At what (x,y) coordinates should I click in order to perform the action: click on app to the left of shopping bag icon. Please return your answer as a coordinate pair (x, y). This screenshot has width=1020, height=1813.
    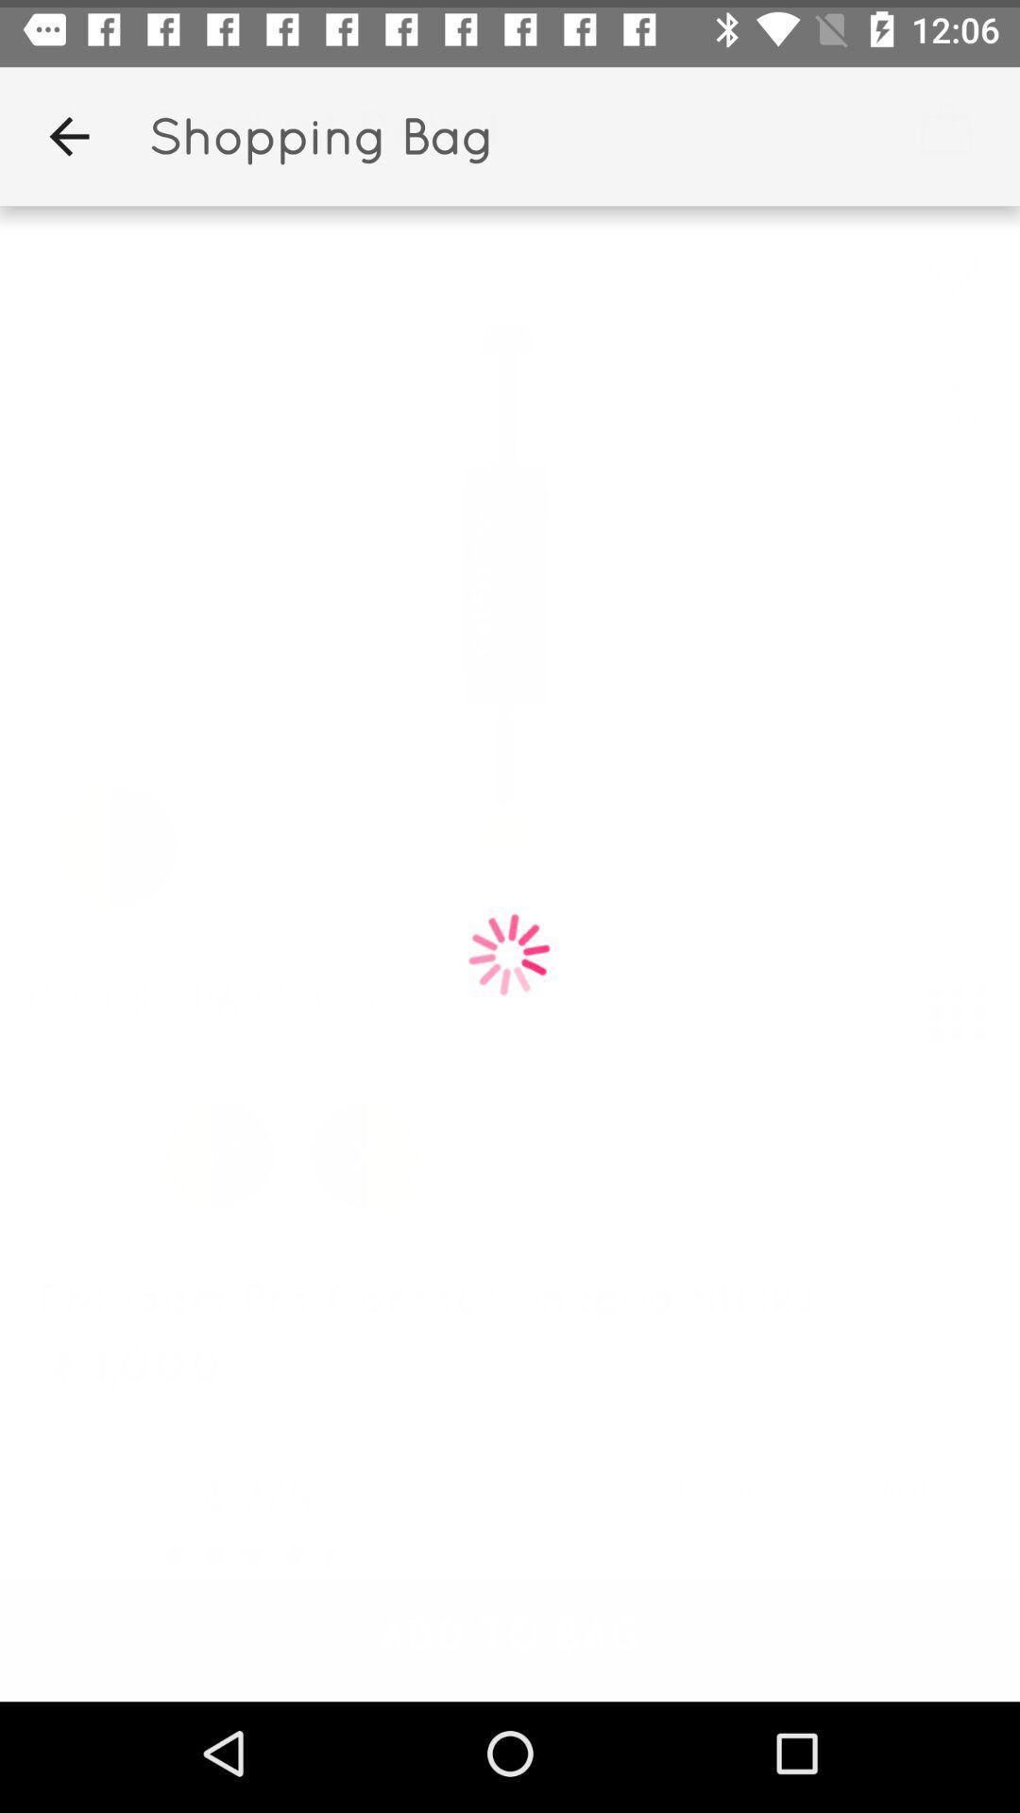
    Looking at the image, I should click on (68, 127).